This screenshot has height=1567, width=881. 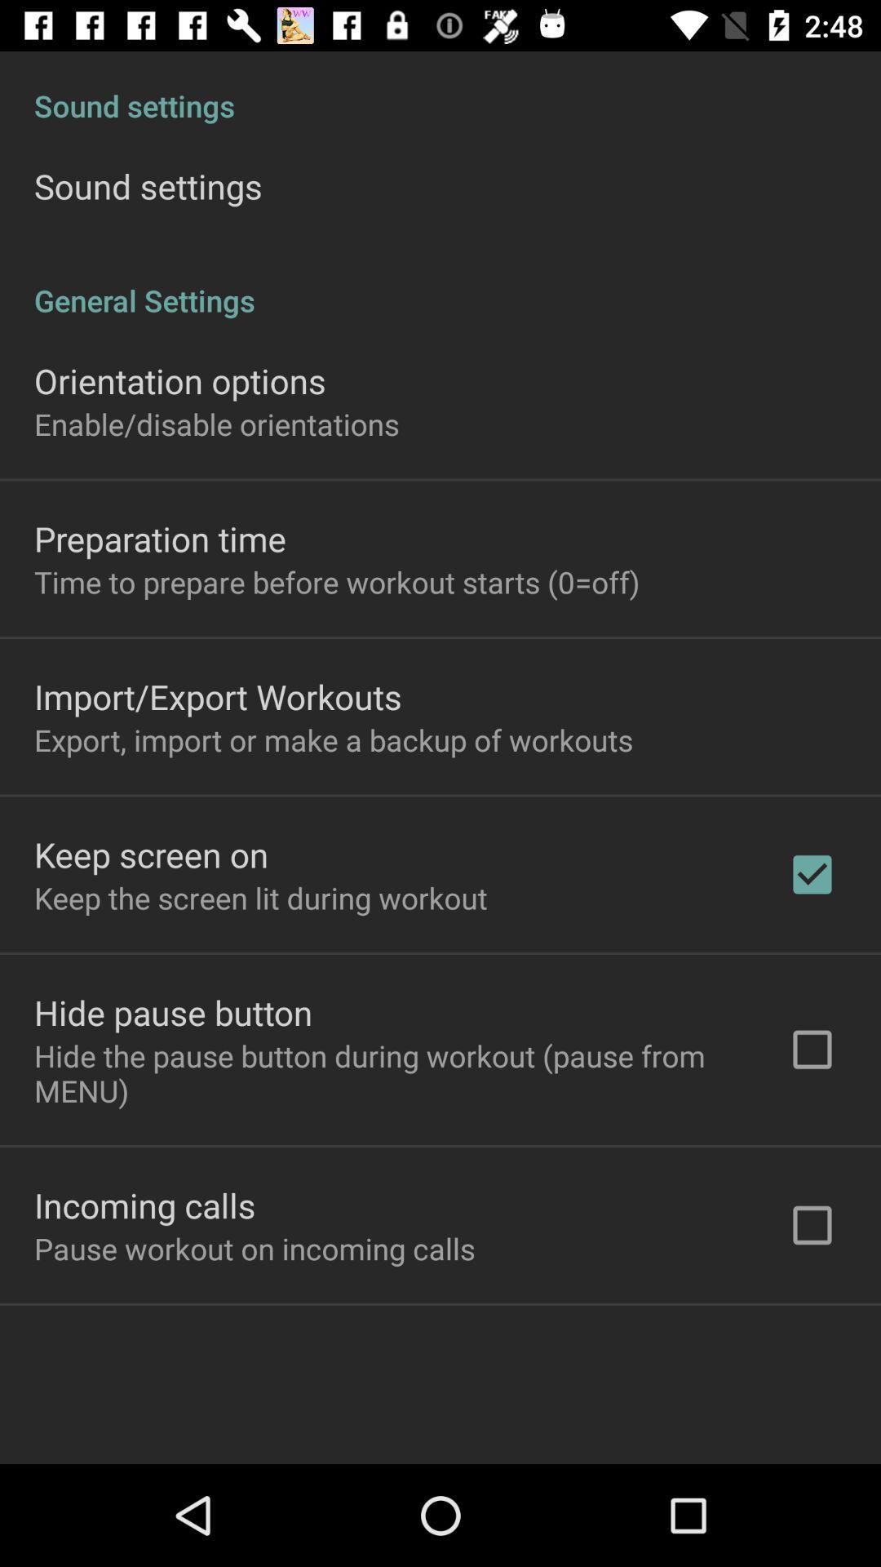 I want to click on icon below orientation options item, so click(x=215, y=424).